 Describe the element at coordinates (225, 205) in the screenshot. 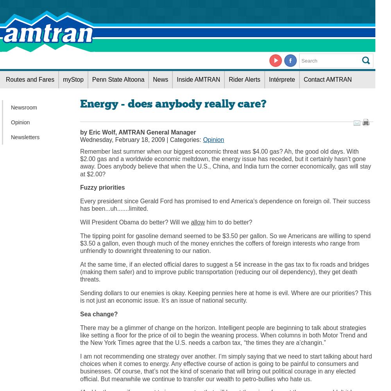

I see `'Every president since Gerald Ford has promised to end America's dependence on foreign oil. Their success has been...uh.......limited.'` at that location.